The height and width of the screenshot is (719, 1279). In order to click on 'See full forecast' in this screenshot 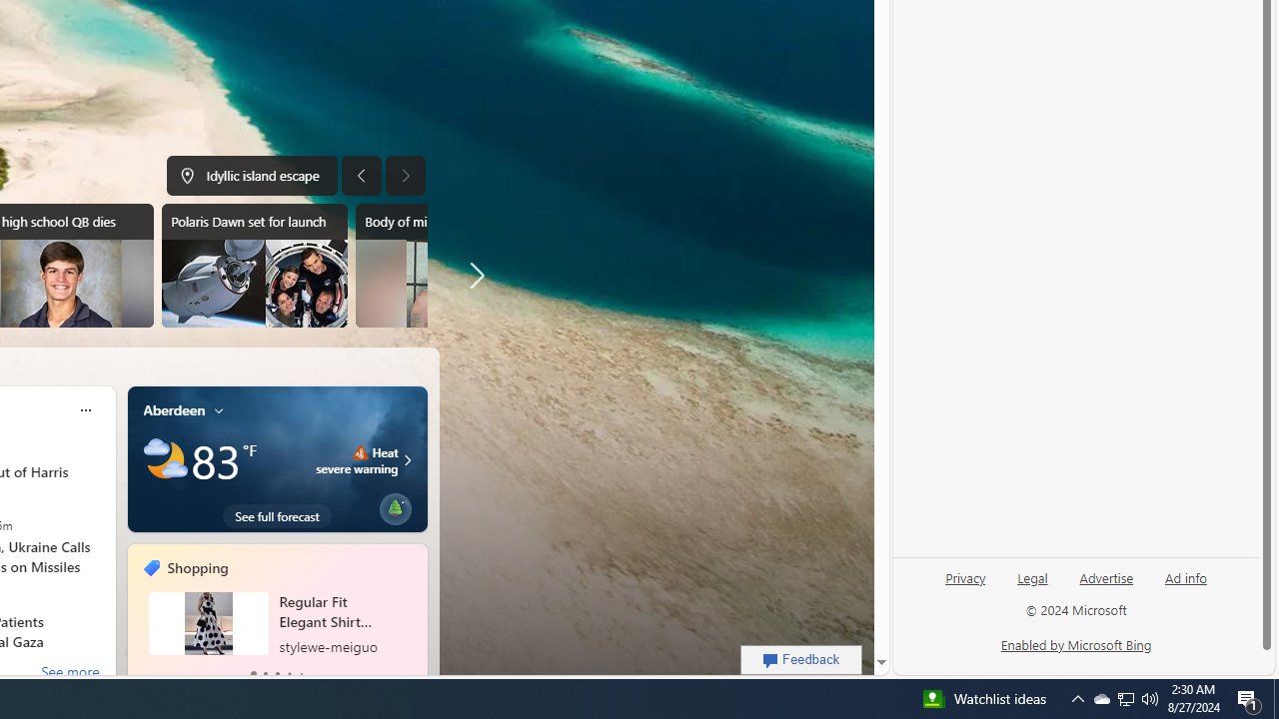, I will do `click(276, 514)`.